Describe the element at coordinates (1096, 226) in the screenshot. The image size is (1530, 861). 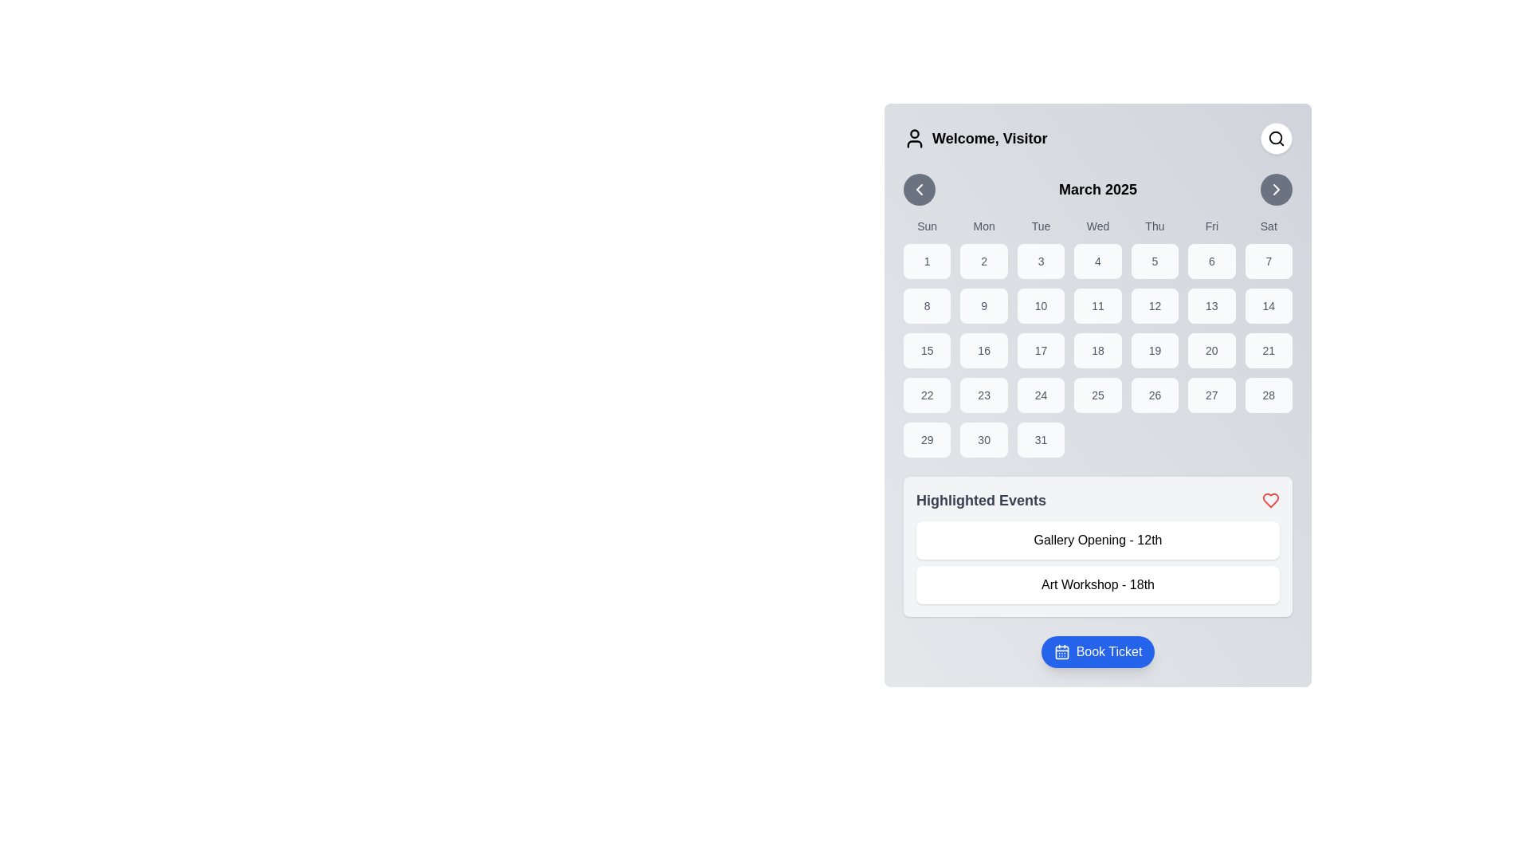
I see `the text label displaying 'Wed,' which is the fourth item in a row of weekday abbreviations in the calendar interface` at that location.